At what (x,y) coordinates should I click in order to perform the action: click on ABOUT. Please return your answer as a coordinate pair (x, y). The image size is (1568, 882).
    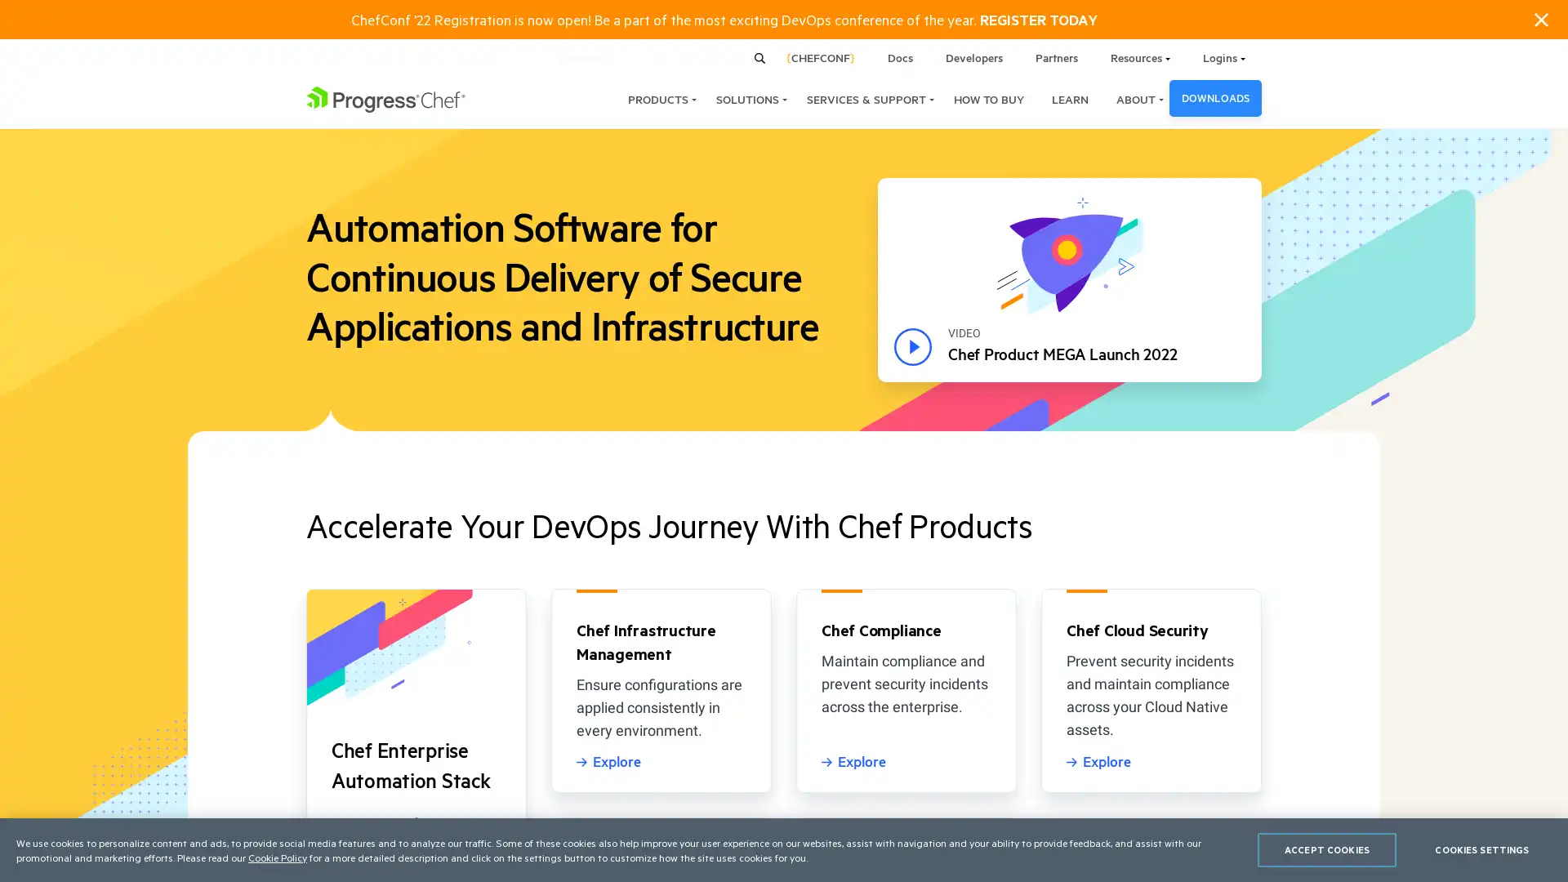
    Looking at the image, I should click on (1098, 100).